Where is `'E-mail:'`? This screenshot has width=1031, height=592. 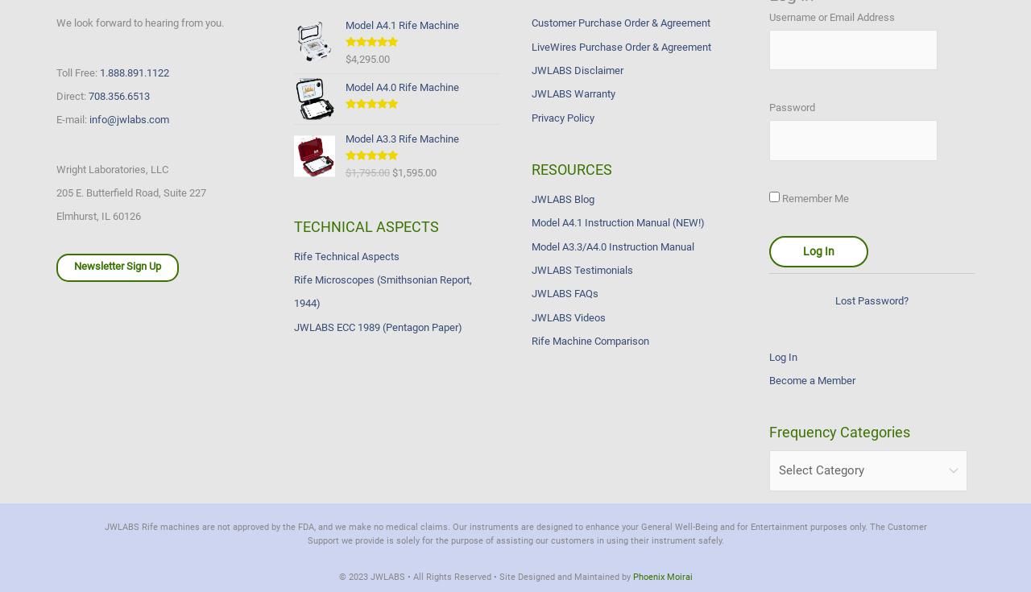
'E-mail:' is located at coordinates (72, 118).